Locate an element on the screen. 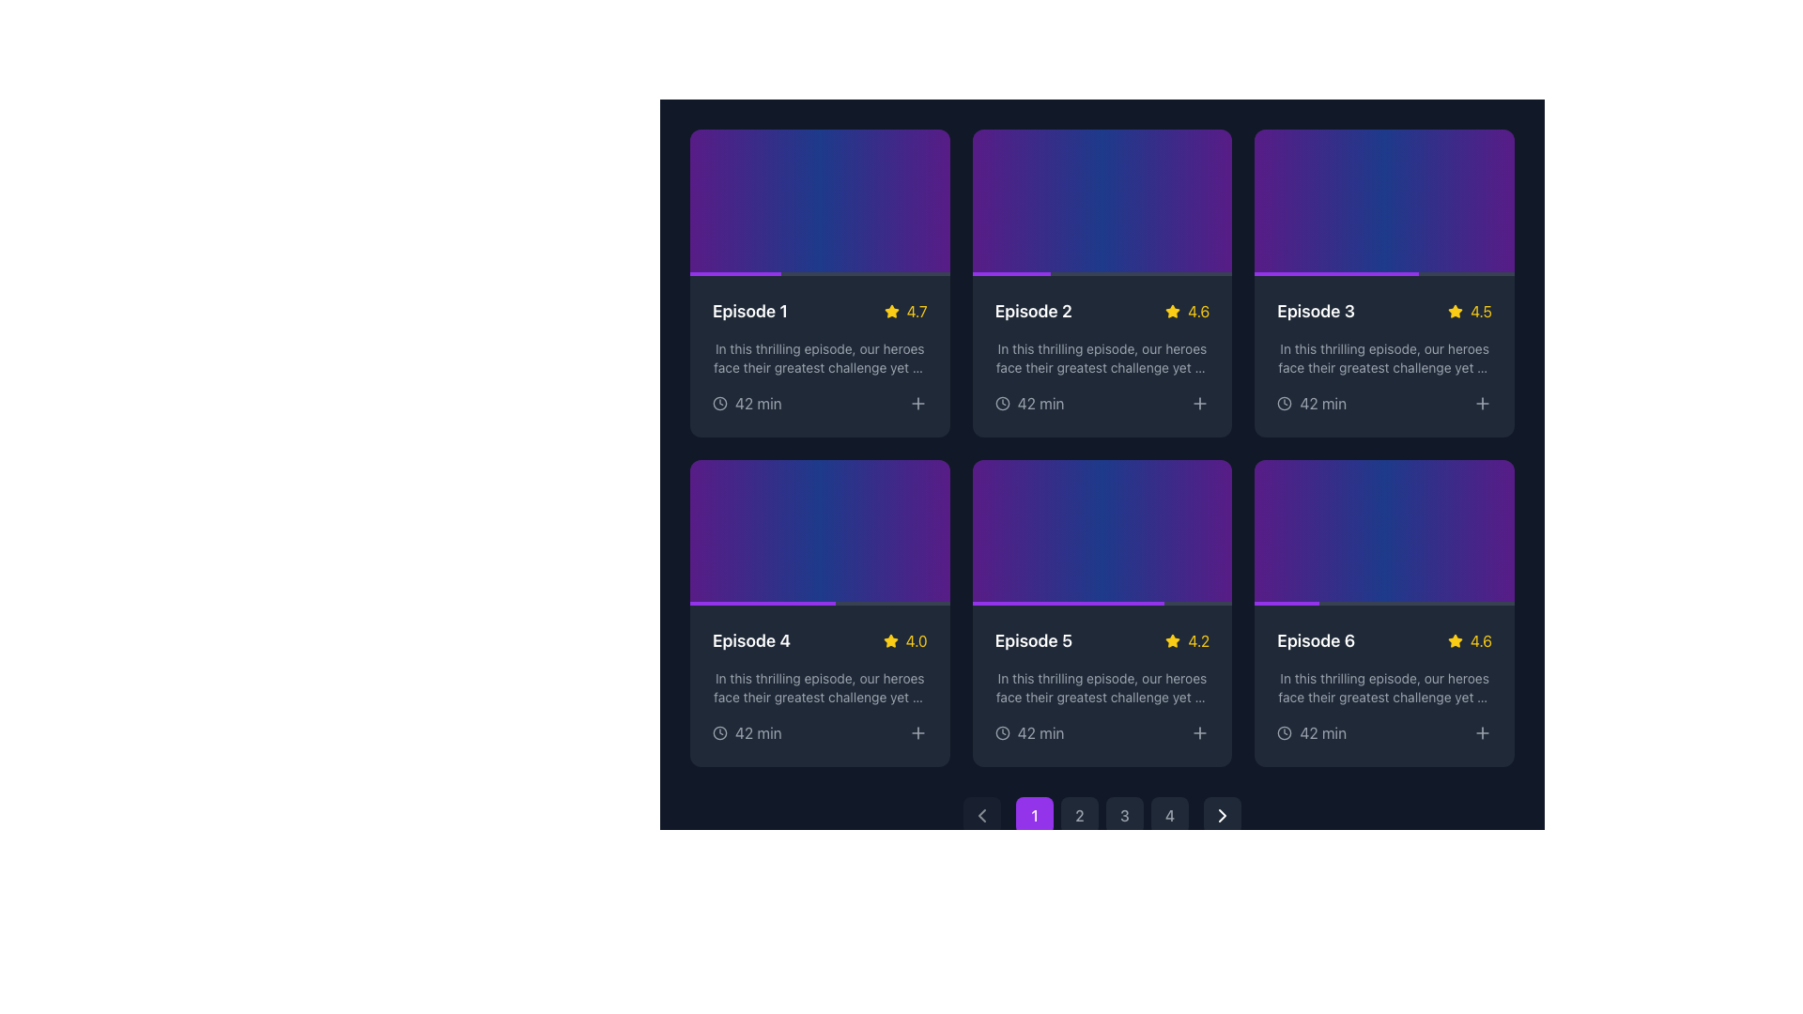  the pagination control button located at the rightmost side of the bottom navigation bar is located at coordinates (1222, 814).